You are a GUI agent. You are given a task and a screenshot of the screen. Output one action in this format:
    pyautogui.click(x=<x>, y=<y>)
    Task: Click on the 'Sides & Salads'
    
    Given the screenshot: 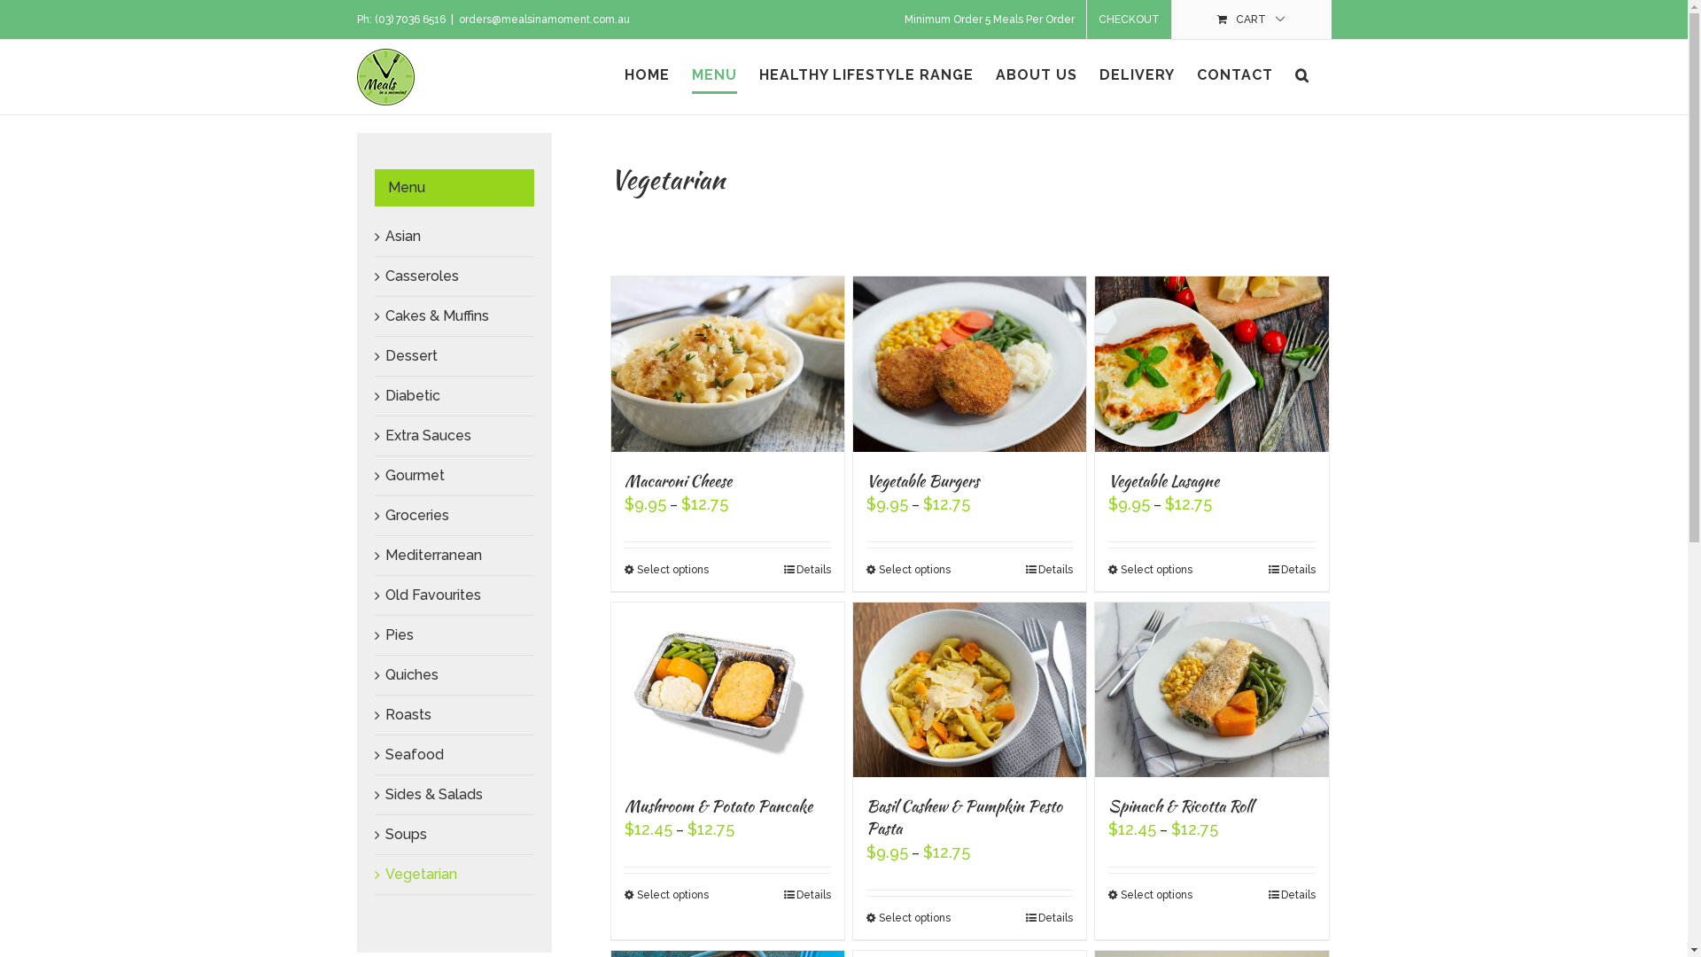 What is the action you would take?
    pyautogui.click(x=383, y=793)
    